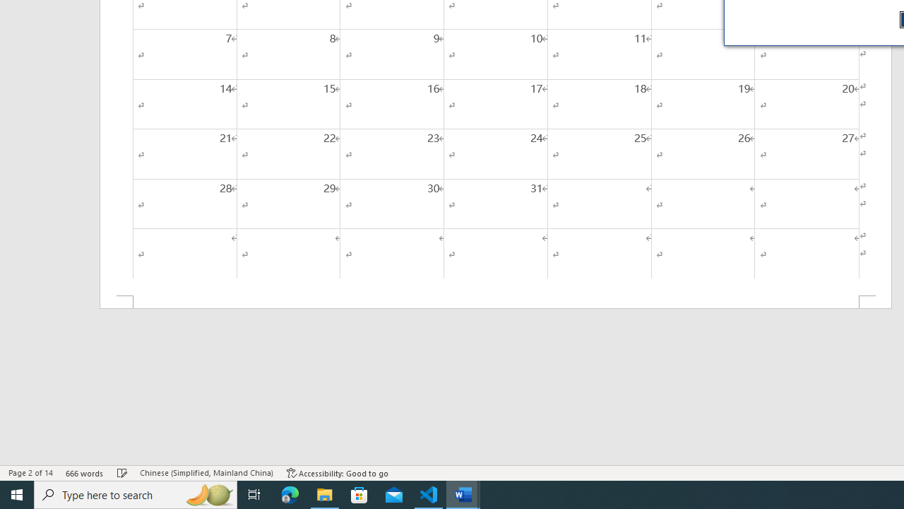 This screenshot has width=904, height=509. I want to click on 'Search highlights icon opens search home window', so click(208, 493).